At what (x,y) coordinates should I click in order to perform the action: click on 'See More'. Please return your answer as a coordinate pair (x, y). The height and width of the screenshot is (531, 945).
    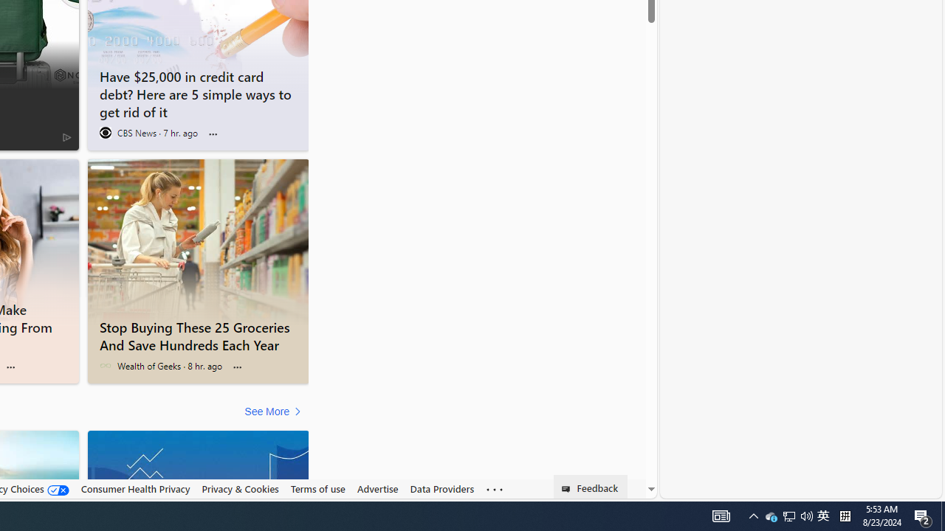
    Looking at the image, I should click on (275, 412).